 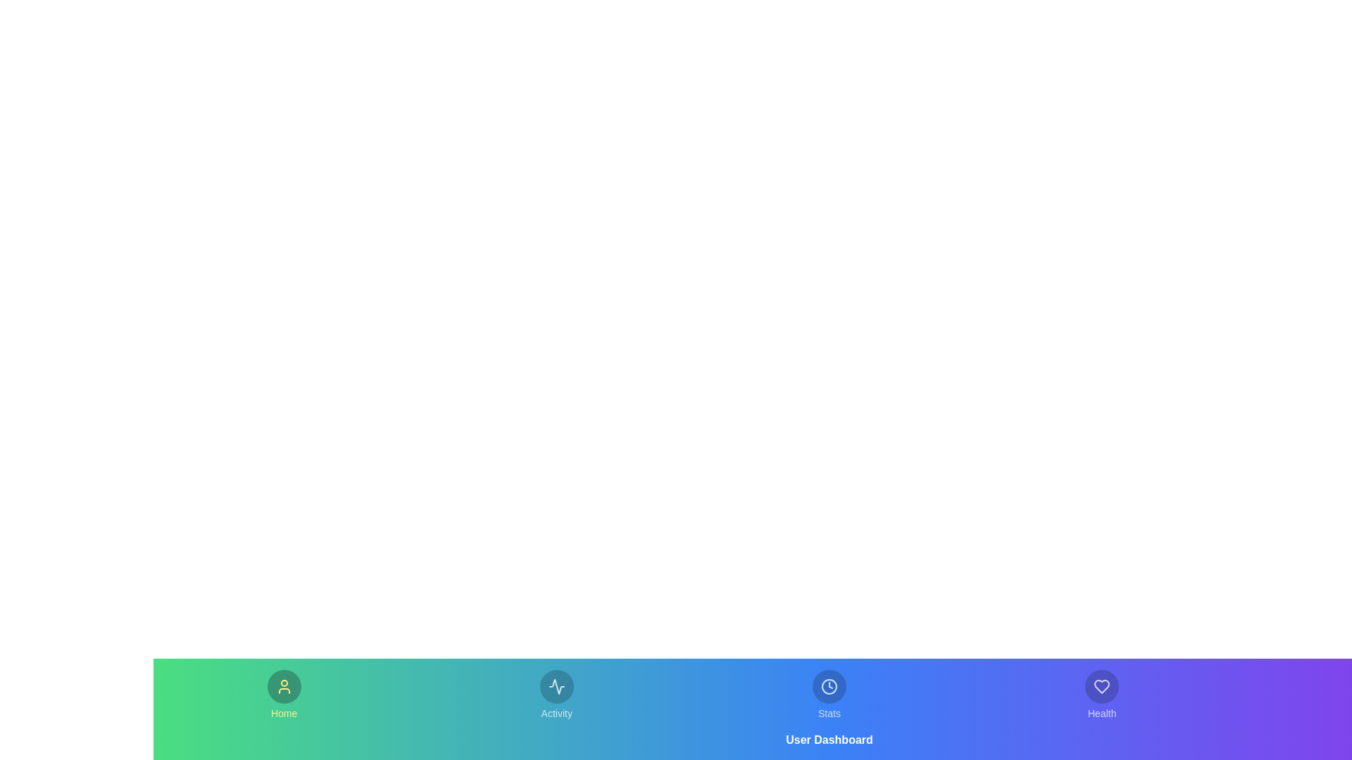 I want to click on the Health tab in the bottom navigation, so click(x=1101, y=694).